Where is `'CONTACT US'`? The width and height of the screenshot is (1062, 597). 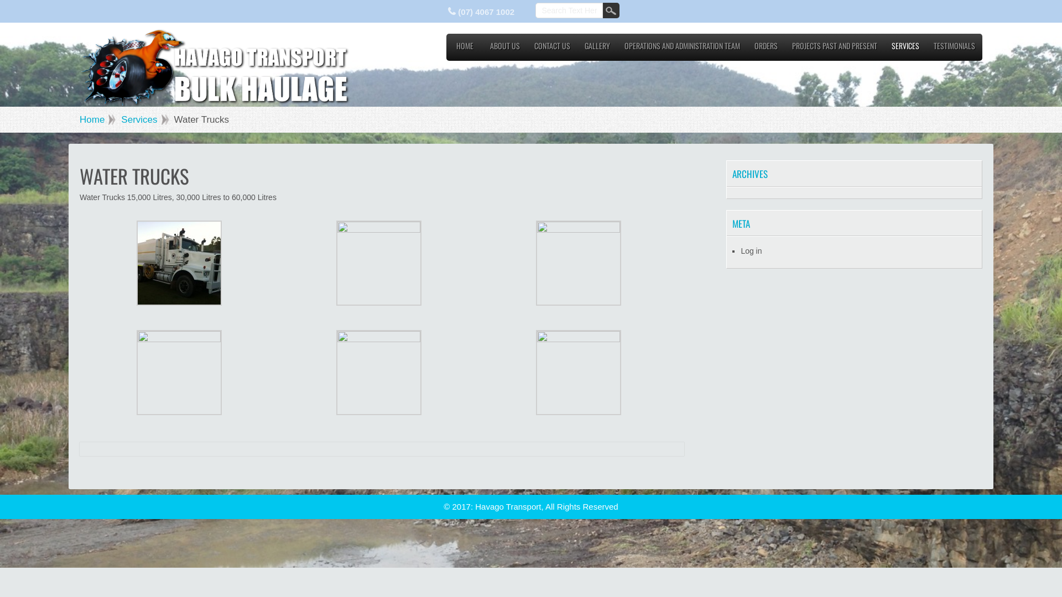 'CONTACT US' is located at coordinates (552, 48).